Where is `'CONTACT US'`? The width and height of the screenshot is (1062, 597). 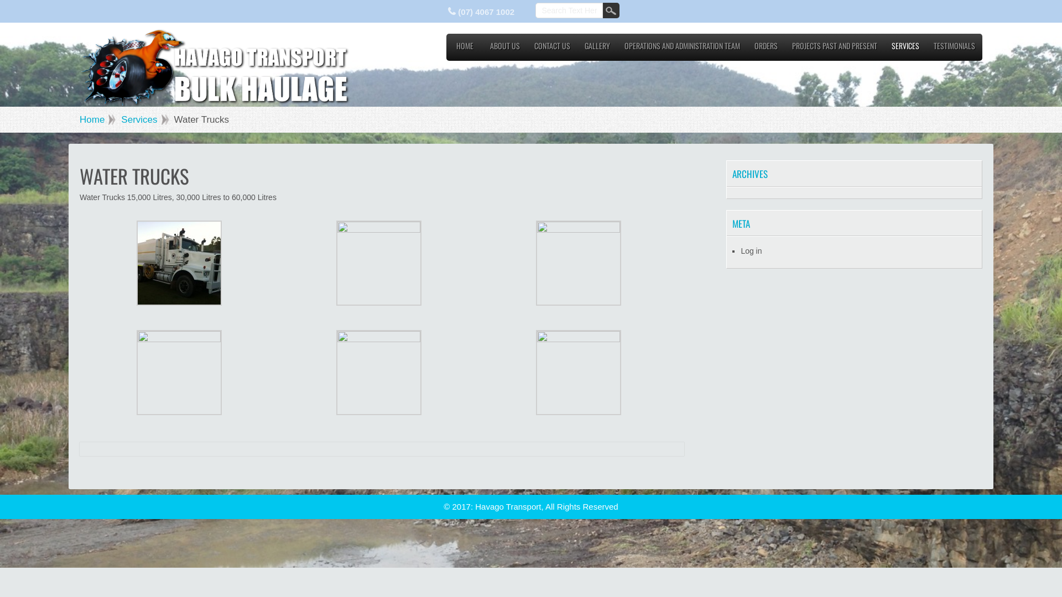 'CONTACT US' is located at coordinates (552, 48).